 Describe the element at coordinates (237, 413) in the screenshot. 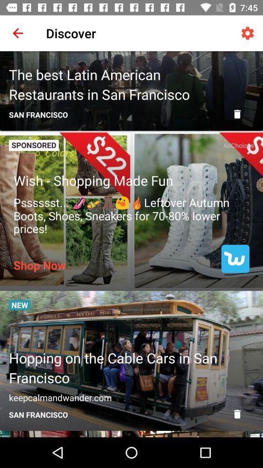

I see `remove article from feed` at that location.